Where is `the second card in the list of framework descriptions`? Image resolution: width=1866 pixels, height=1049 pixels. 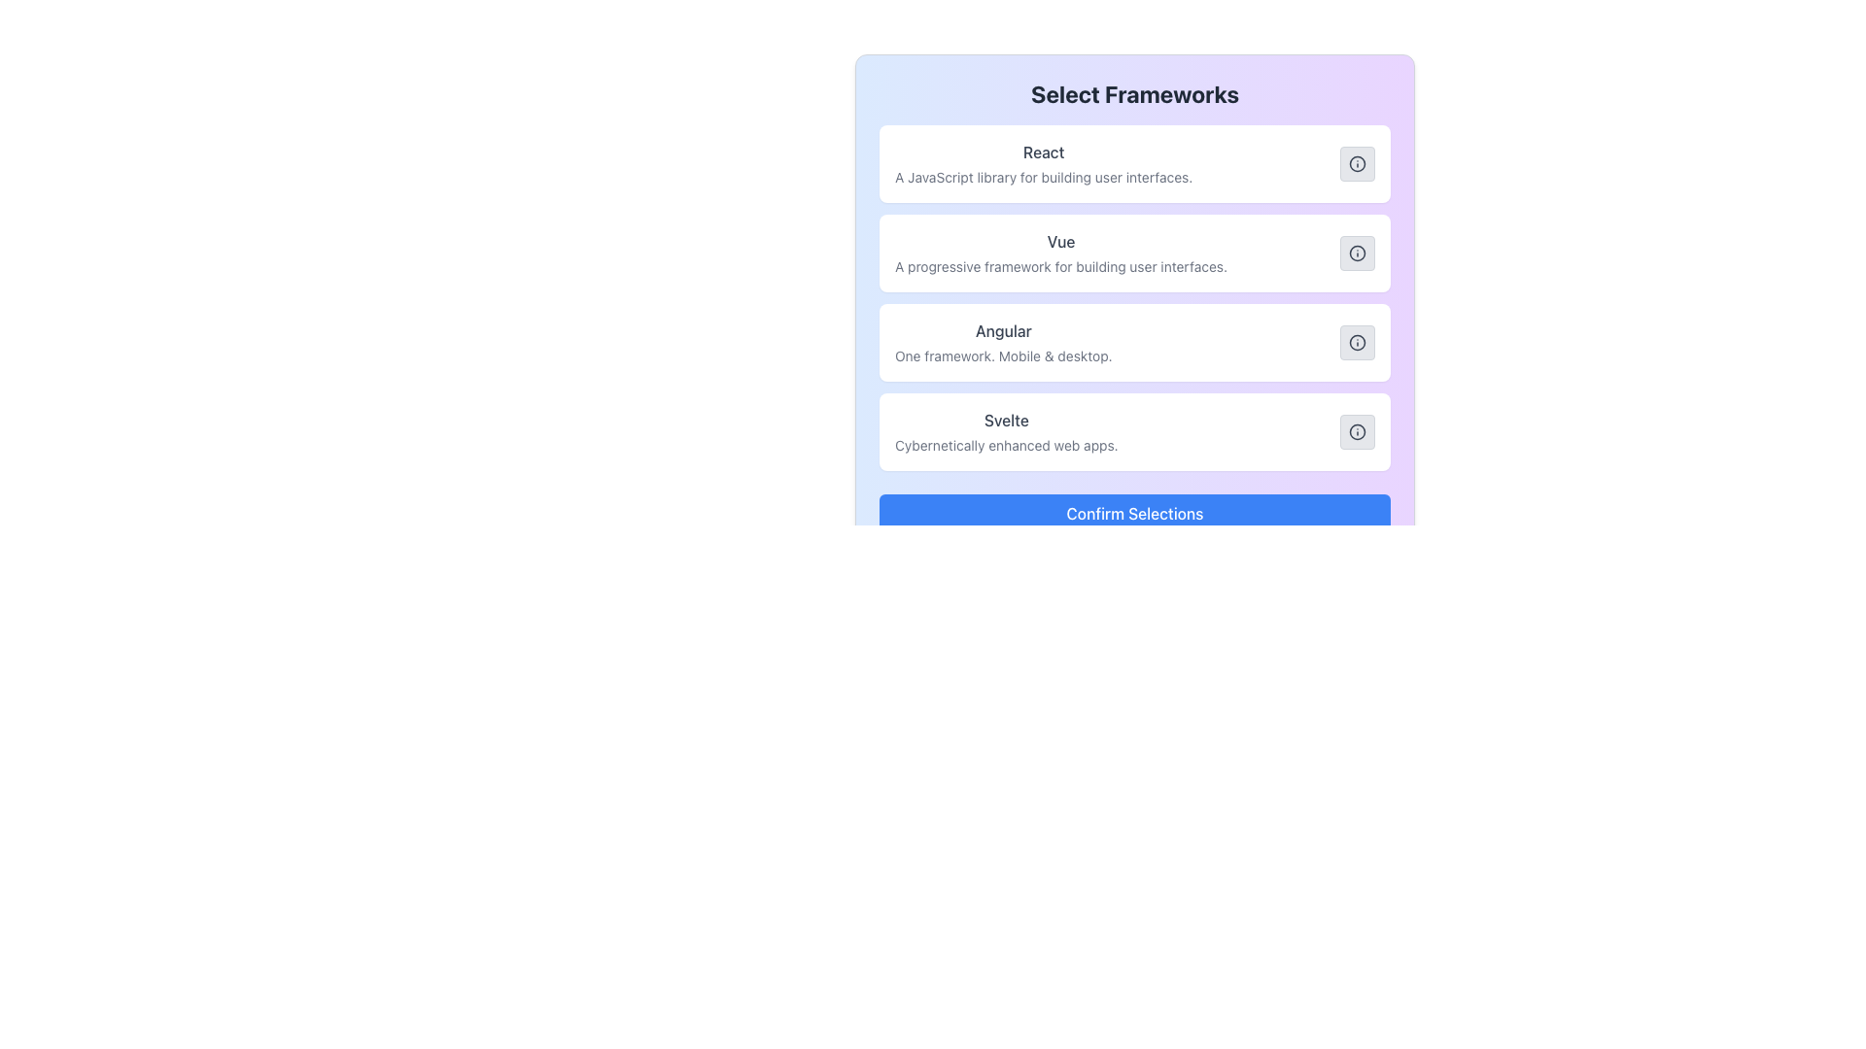
the second card in the list of framework descriptions is located at coordinates (1134, 253).